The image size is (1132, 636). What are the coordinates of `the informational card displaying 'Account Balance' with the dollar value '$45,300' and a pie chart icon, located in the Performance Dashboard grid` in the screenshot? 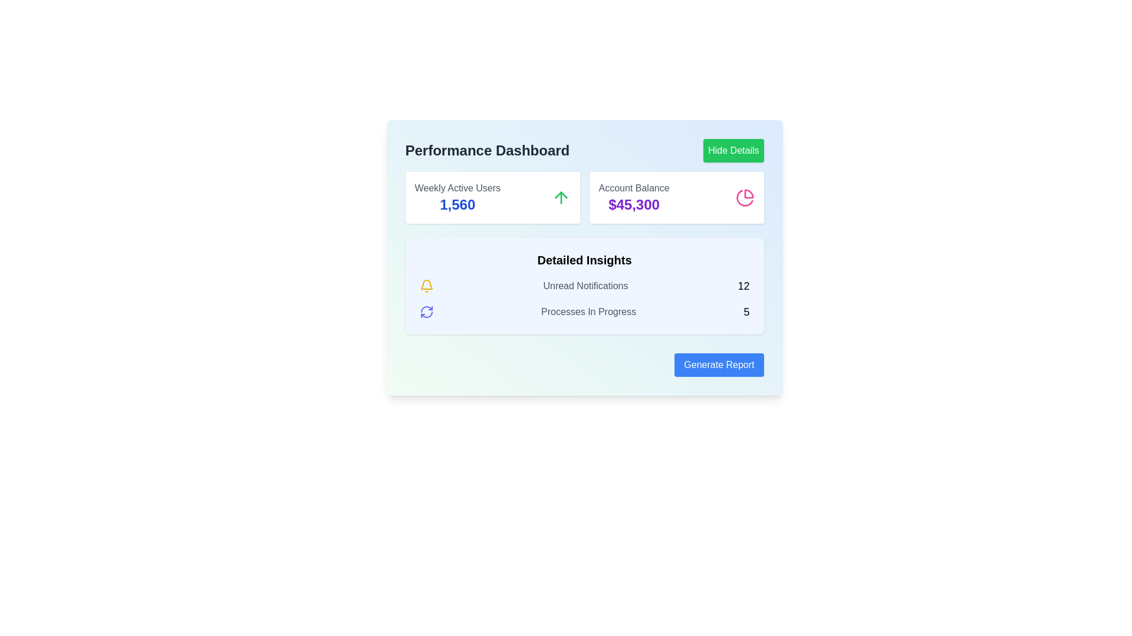 It's located at (676, 197).